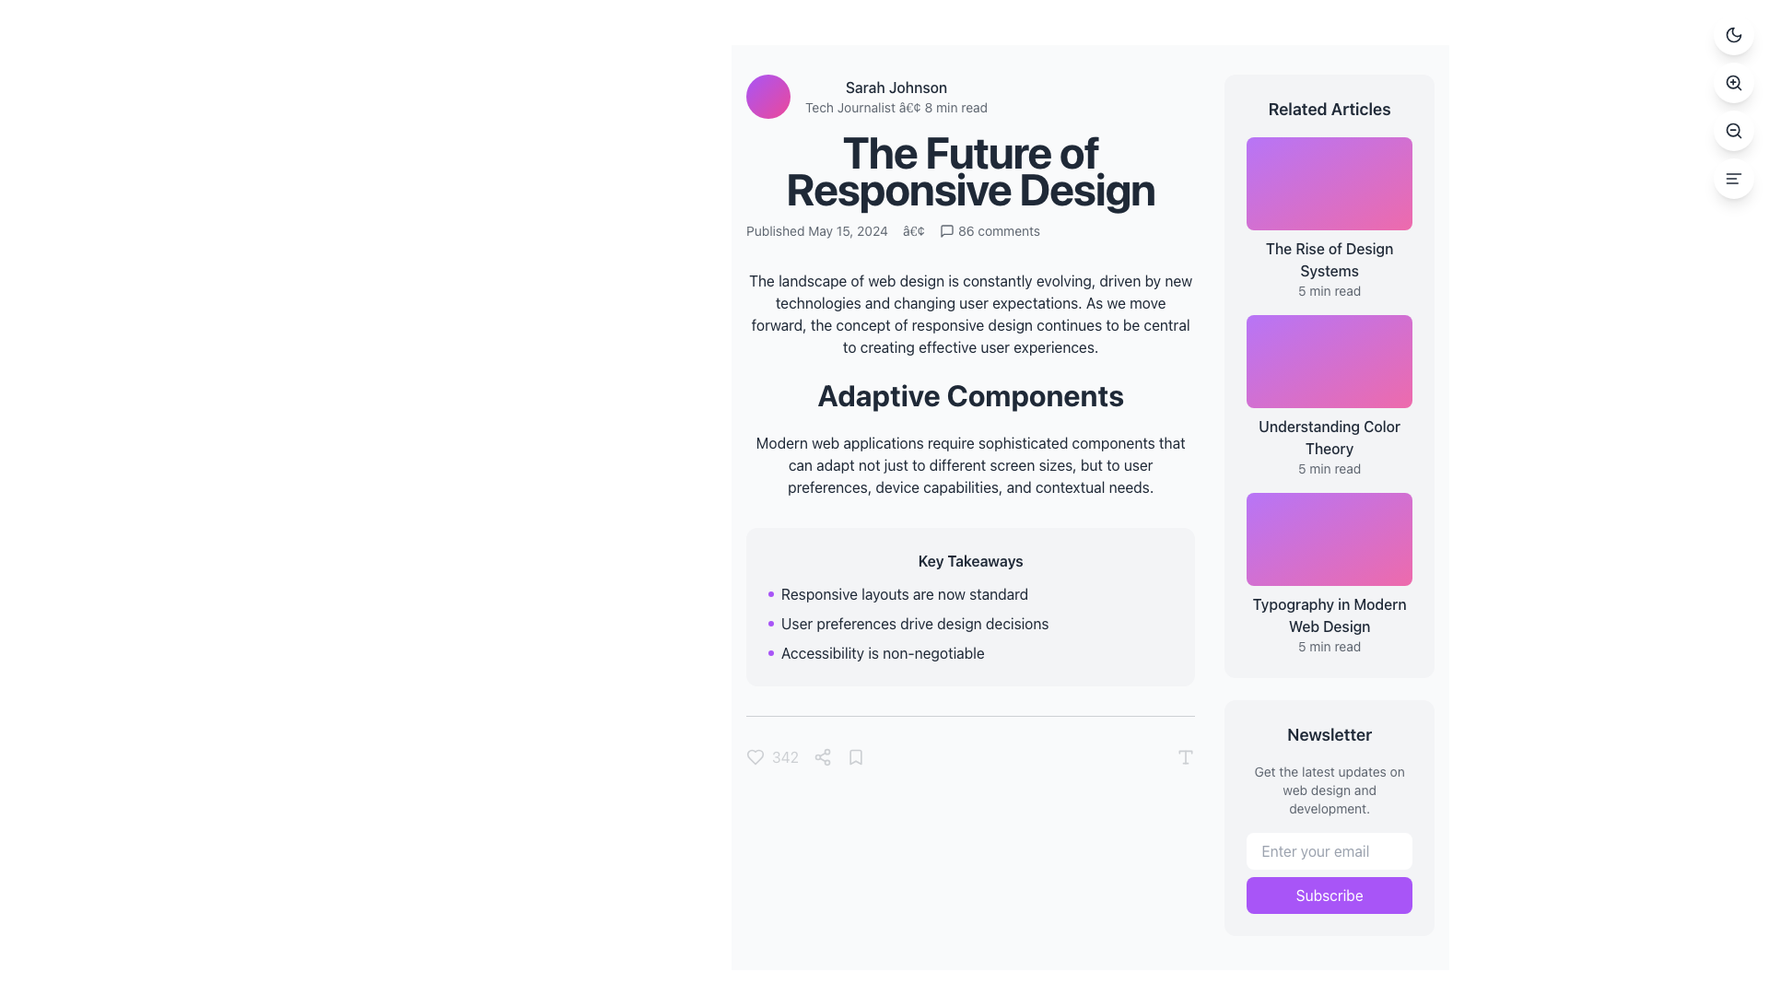 The image size is (1769, 995). What do you see at coordinates (1732, 106) in the screenshot?
I see `the second button from the top in a vertical stack of four circular buttons on the right side of the interface to zoom in` at bounding box center [1732, 106].